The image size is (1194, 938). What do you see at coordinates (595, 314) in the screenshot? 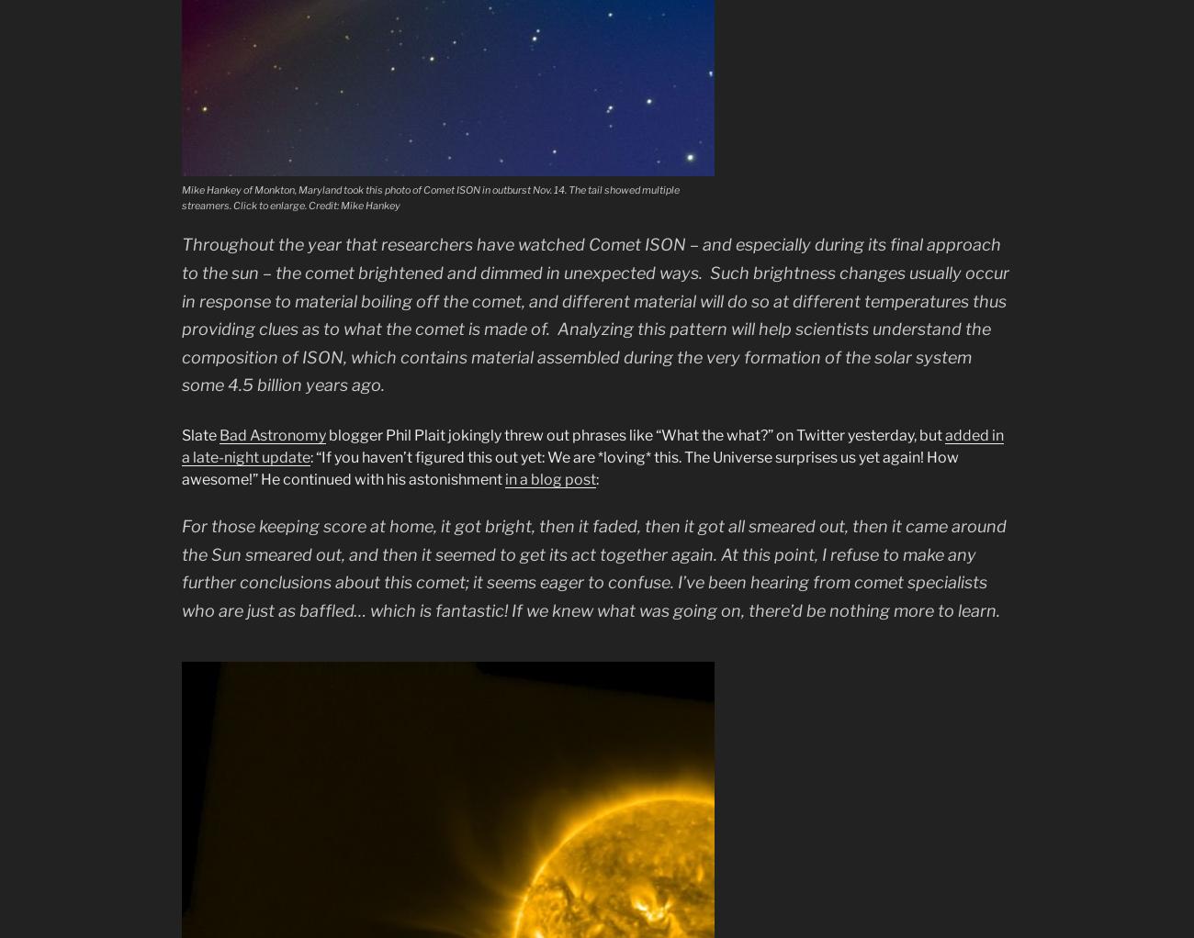
I see `'Throughout the year that researchers have watched Comet ISON – and especially during its final approach to the sun – the comet brightened and dimmed in unexpected ways.  Such brightness changes usually occur in response to material boiling off the comet, and different material will do so at different temperatures thus providing clues as to what the comet is made of.  Analyzing this pattern will help scientists understand the composition of ISON, which contains material assembled during the very formation of the solar system some 4.5 billion years ago.'` at bounding box center [595, 314].